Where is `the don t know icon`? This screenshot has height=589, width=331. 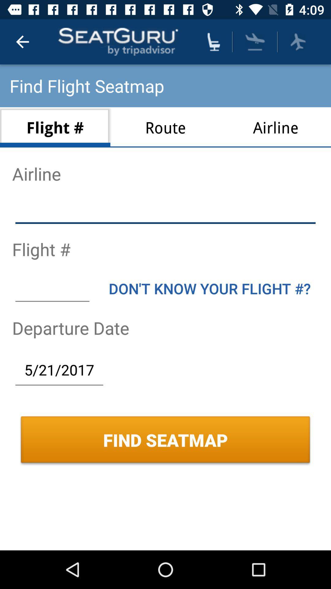
the don t know icon is located at coordinates (209, 288).